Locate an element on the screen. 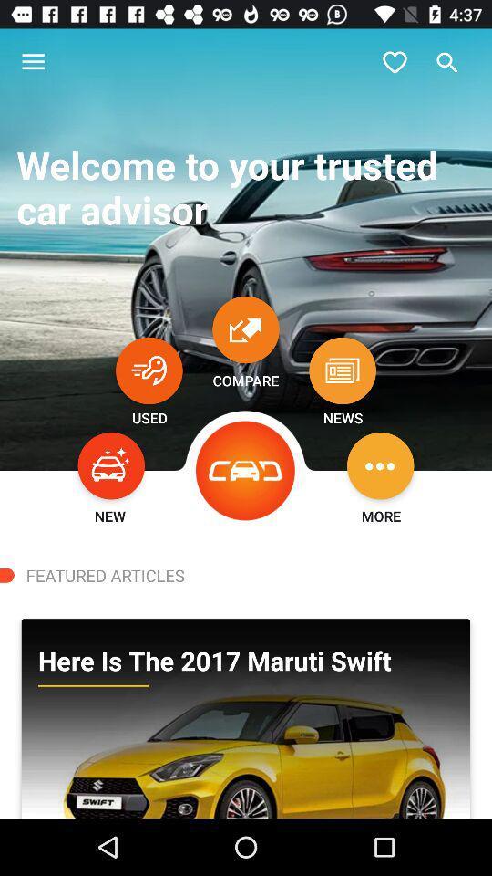  two options is located at coordinates (246, 328).